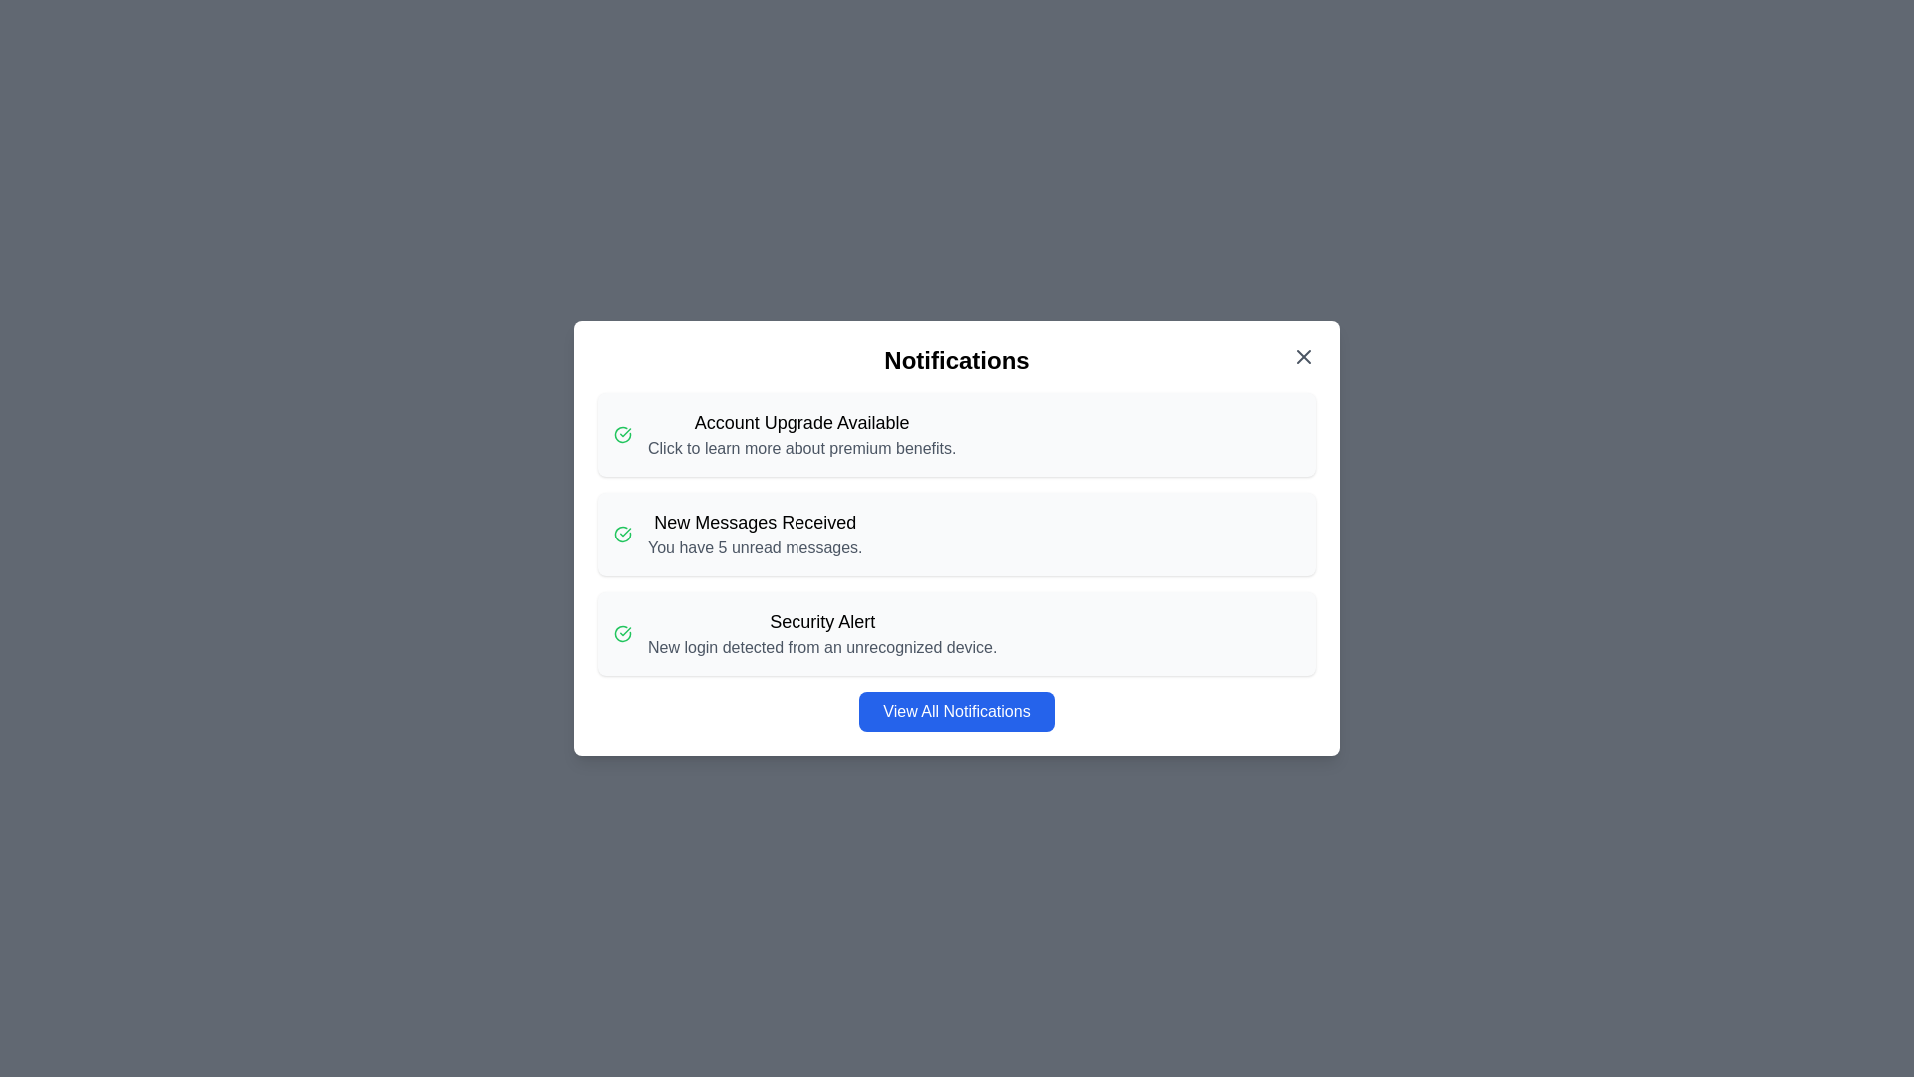 The height and width of the screenshot is (1077, 1914). What do you see at coordinates (822, 634) in the screenshot?
I see `the security alert text component in the Notifications panel, which is the third notification from the top` at bounding box center [822, 634].